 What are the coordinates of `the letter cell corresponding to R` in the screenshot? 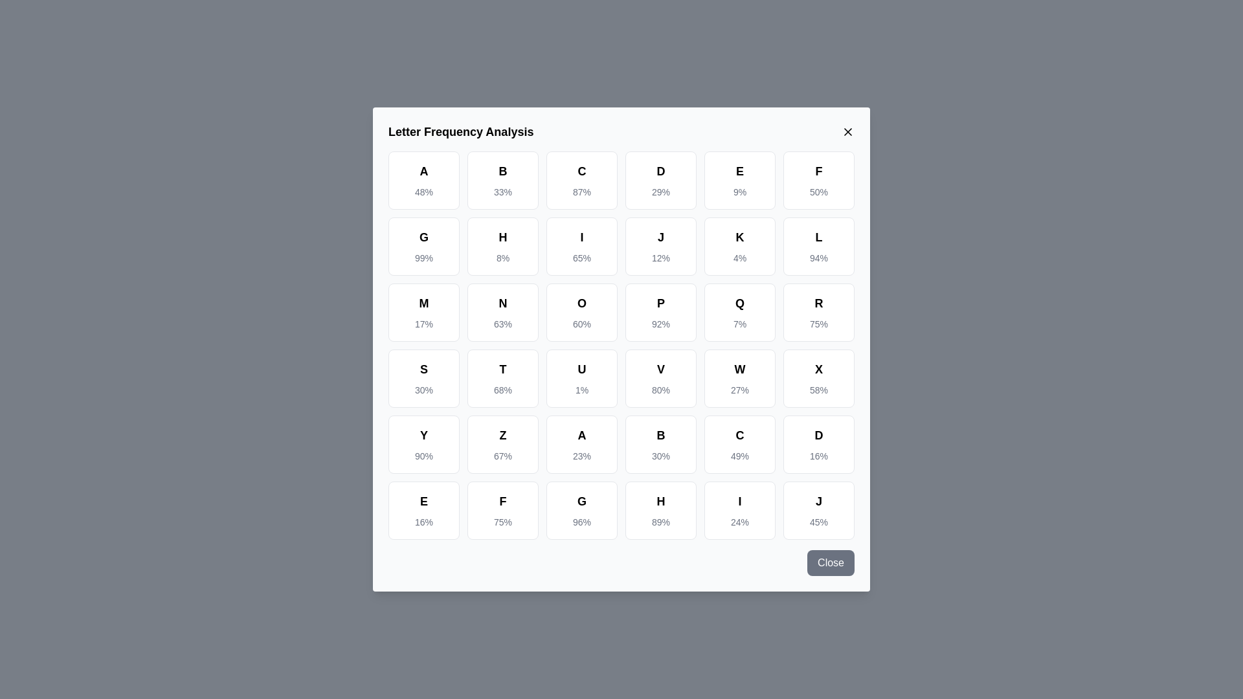 It's located at (818, 312).